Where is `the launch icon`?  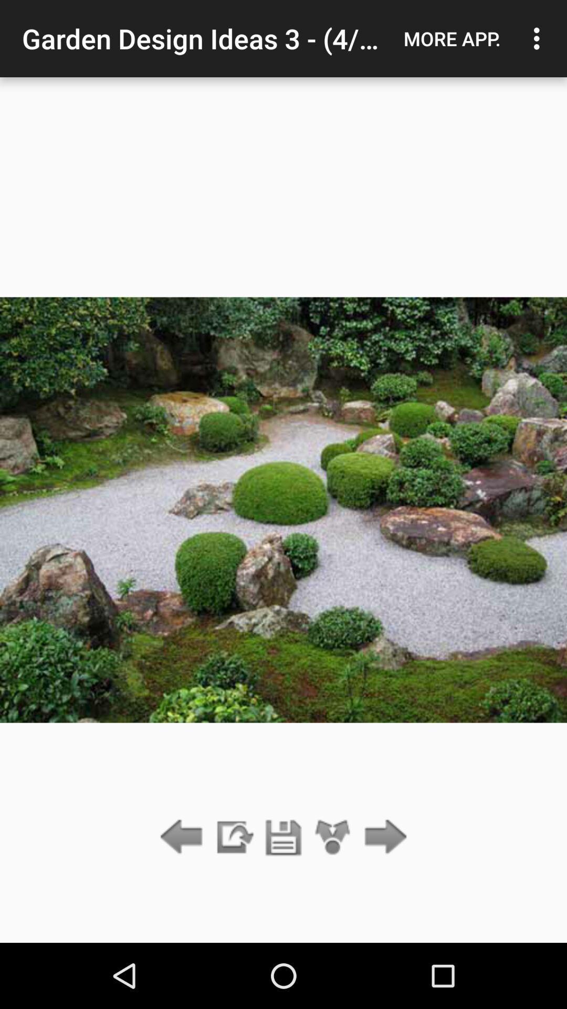
the launch icon is located at coordinates (233, 837).